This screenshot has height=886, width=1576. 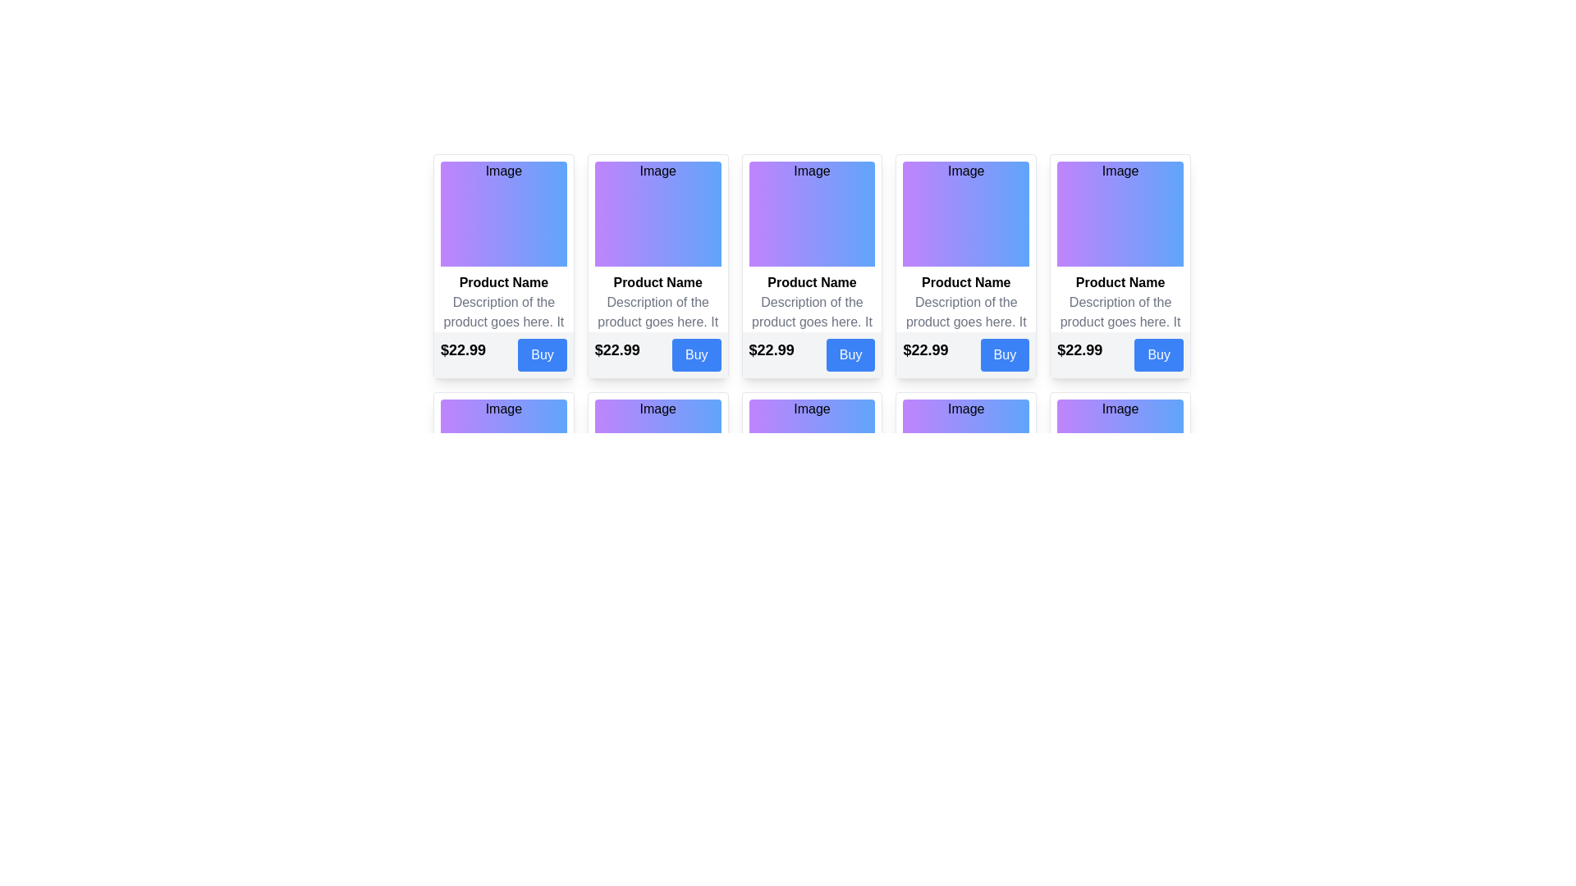 I want to click on the product information card, which displays the product image, name, description, price, and includes a purchase button. This is the fourth card in the first row of a grid layout, so click(x=966, y=265).